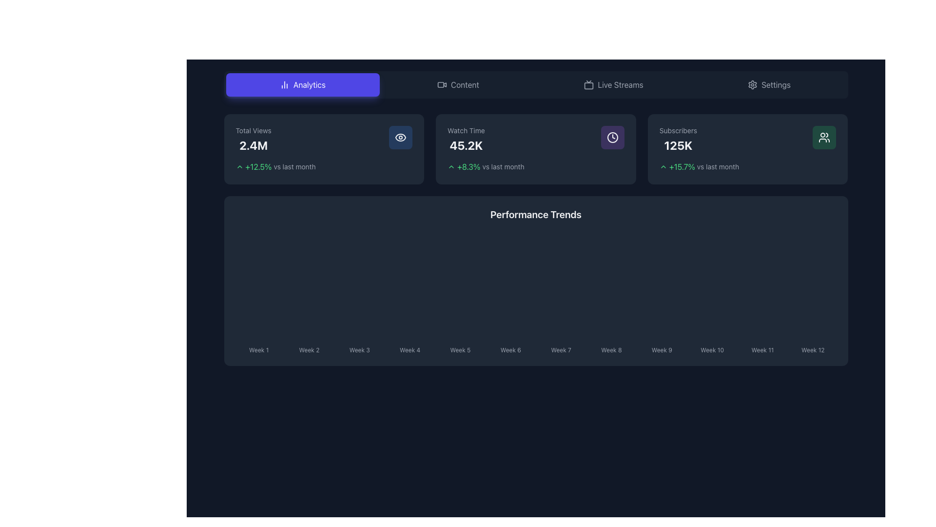  I want to click on the text display element that shows the total number of views, located in the upper-left corner of a dark card containing analytics metrics, so click(253, 139).